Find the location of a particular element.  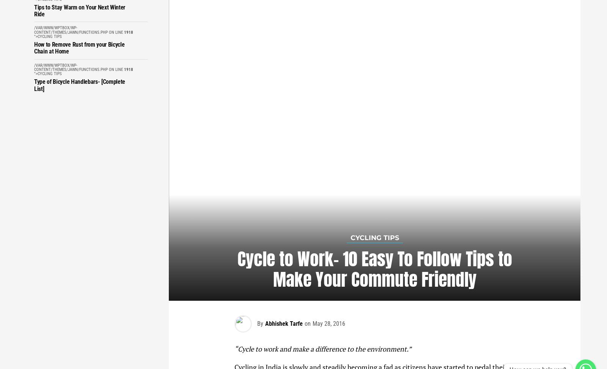

'on' is located at coordinates (307, 323).